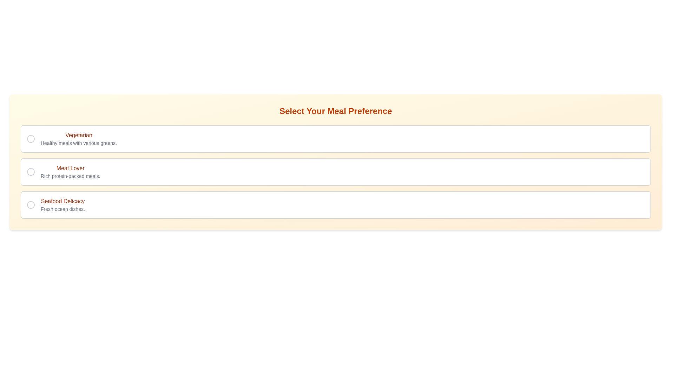 This screenshot has width=674, height=379. I want to click on the text label displaying 'Healthy meals with various greens.' which is located below the 'Vegetarian' label in the meal preferences list, so click(79, 143).